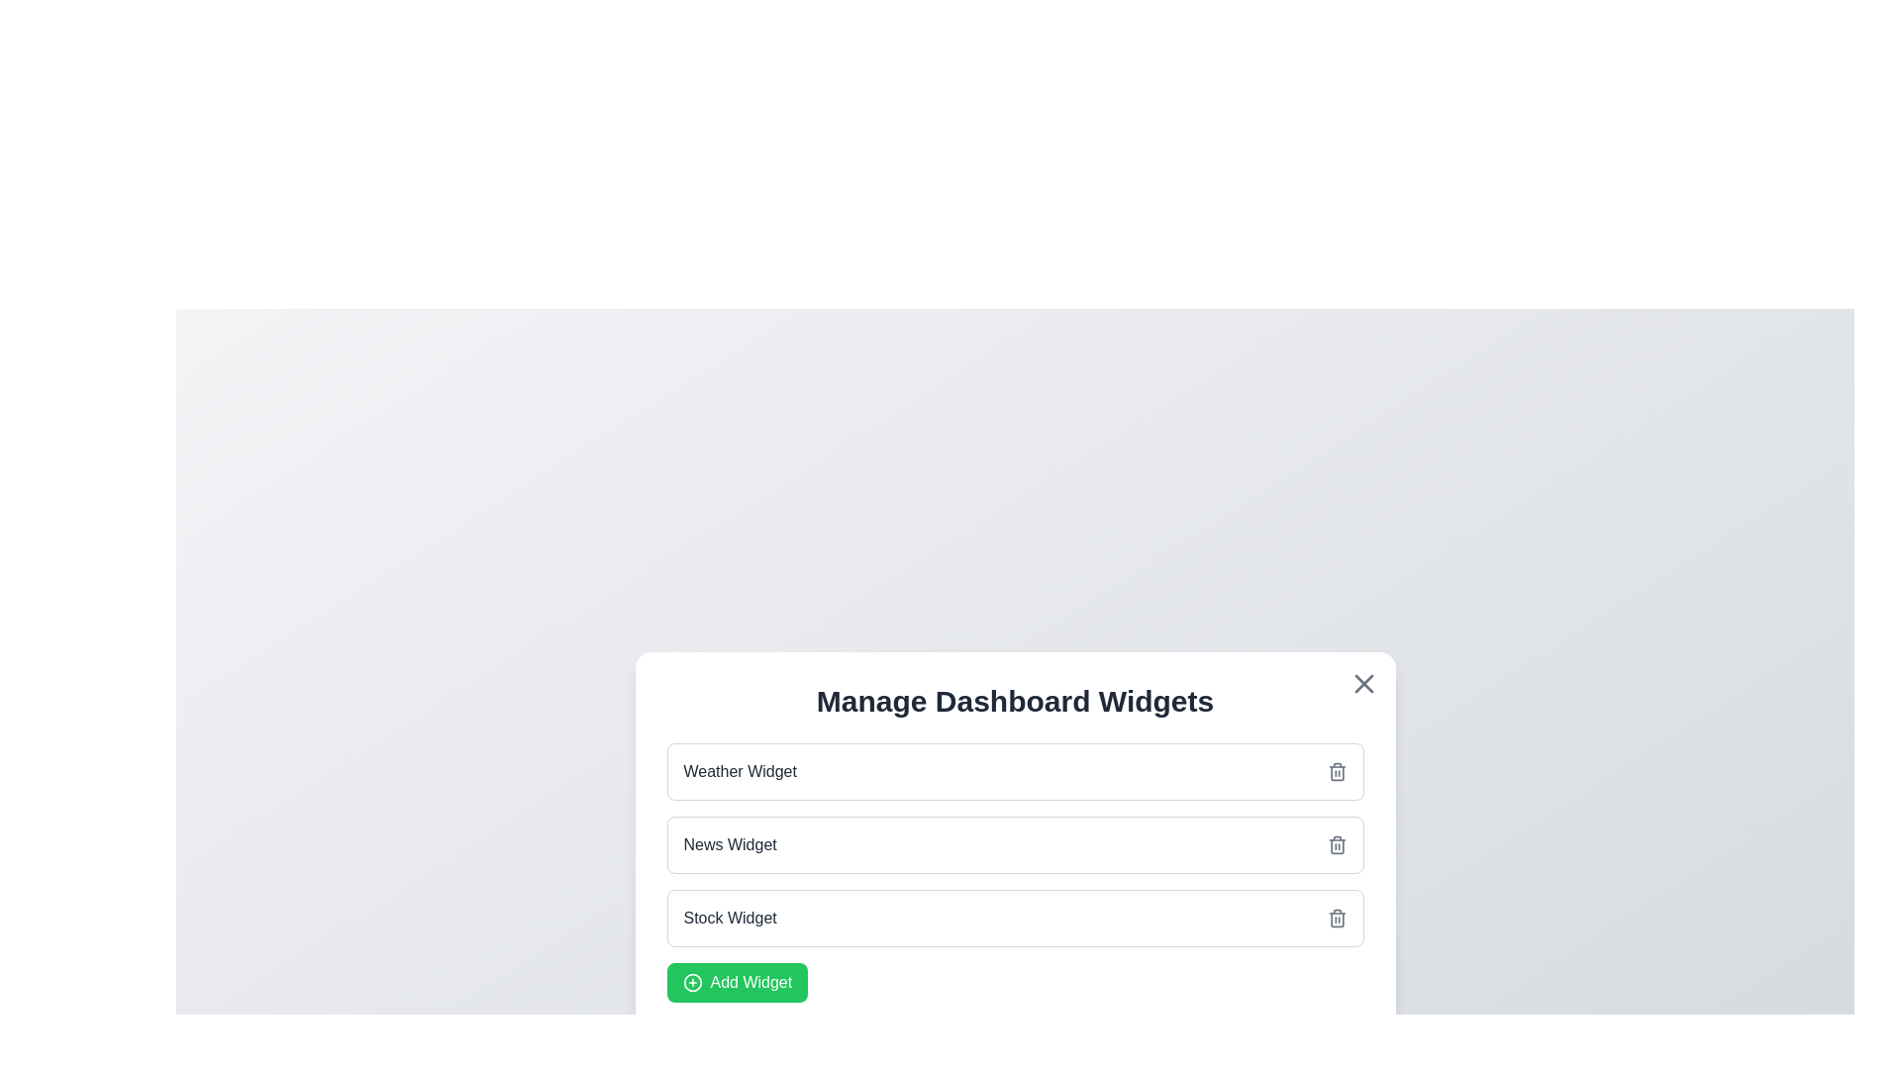  I want to click on close button at the top-right corner of the dialog to close it, so click(1362, 682).